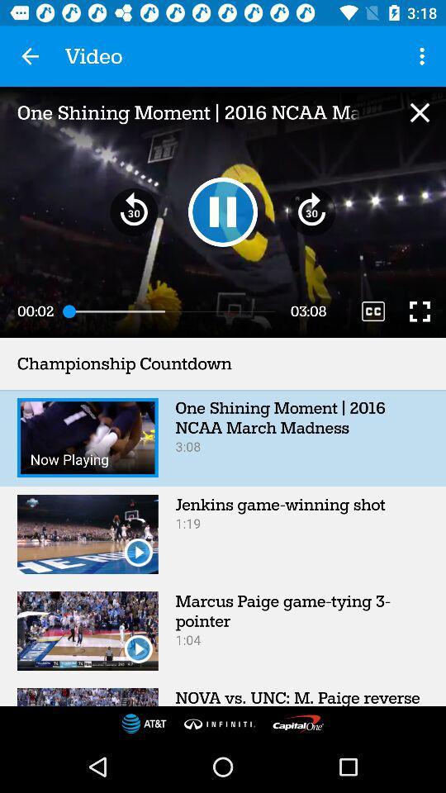 Image resolution: width=446 pixels, height=793 pixels. Describe the element at coordinates (420, 112) in the screenshot. I see `the icon next to one shining moment icon` at that location.